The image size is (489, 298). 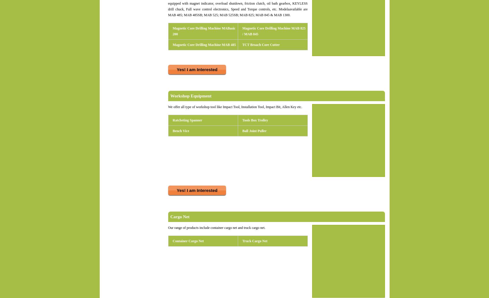 What do you see at coordinates (254, 241) in the screenshot?
I see `'Truck Cargo Net'` at bounding box center [254, 241].